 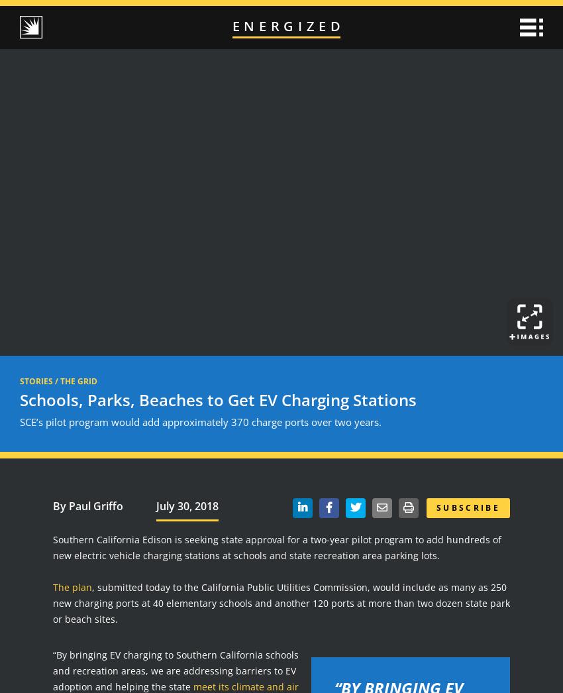 What do you see at coordinates (468, 506) in the screenshot?
I see `'Subscribe'` at bounding box center [468, 506].